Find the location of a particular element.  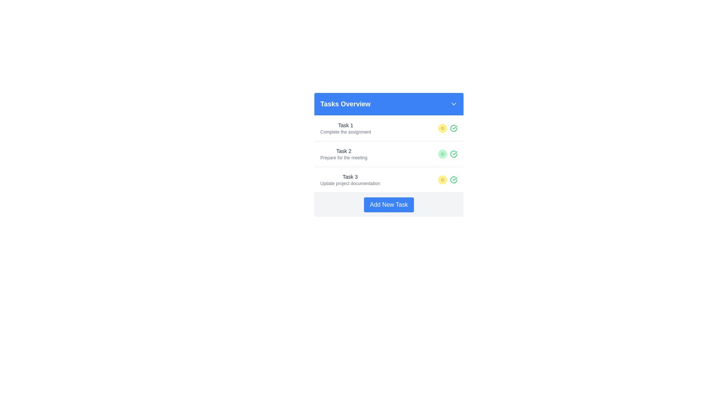

the green rounded badge with the text 'complete' inside, which is part of the Status indicator in the 'Task 2' list item is located at coordinates (447, 153).